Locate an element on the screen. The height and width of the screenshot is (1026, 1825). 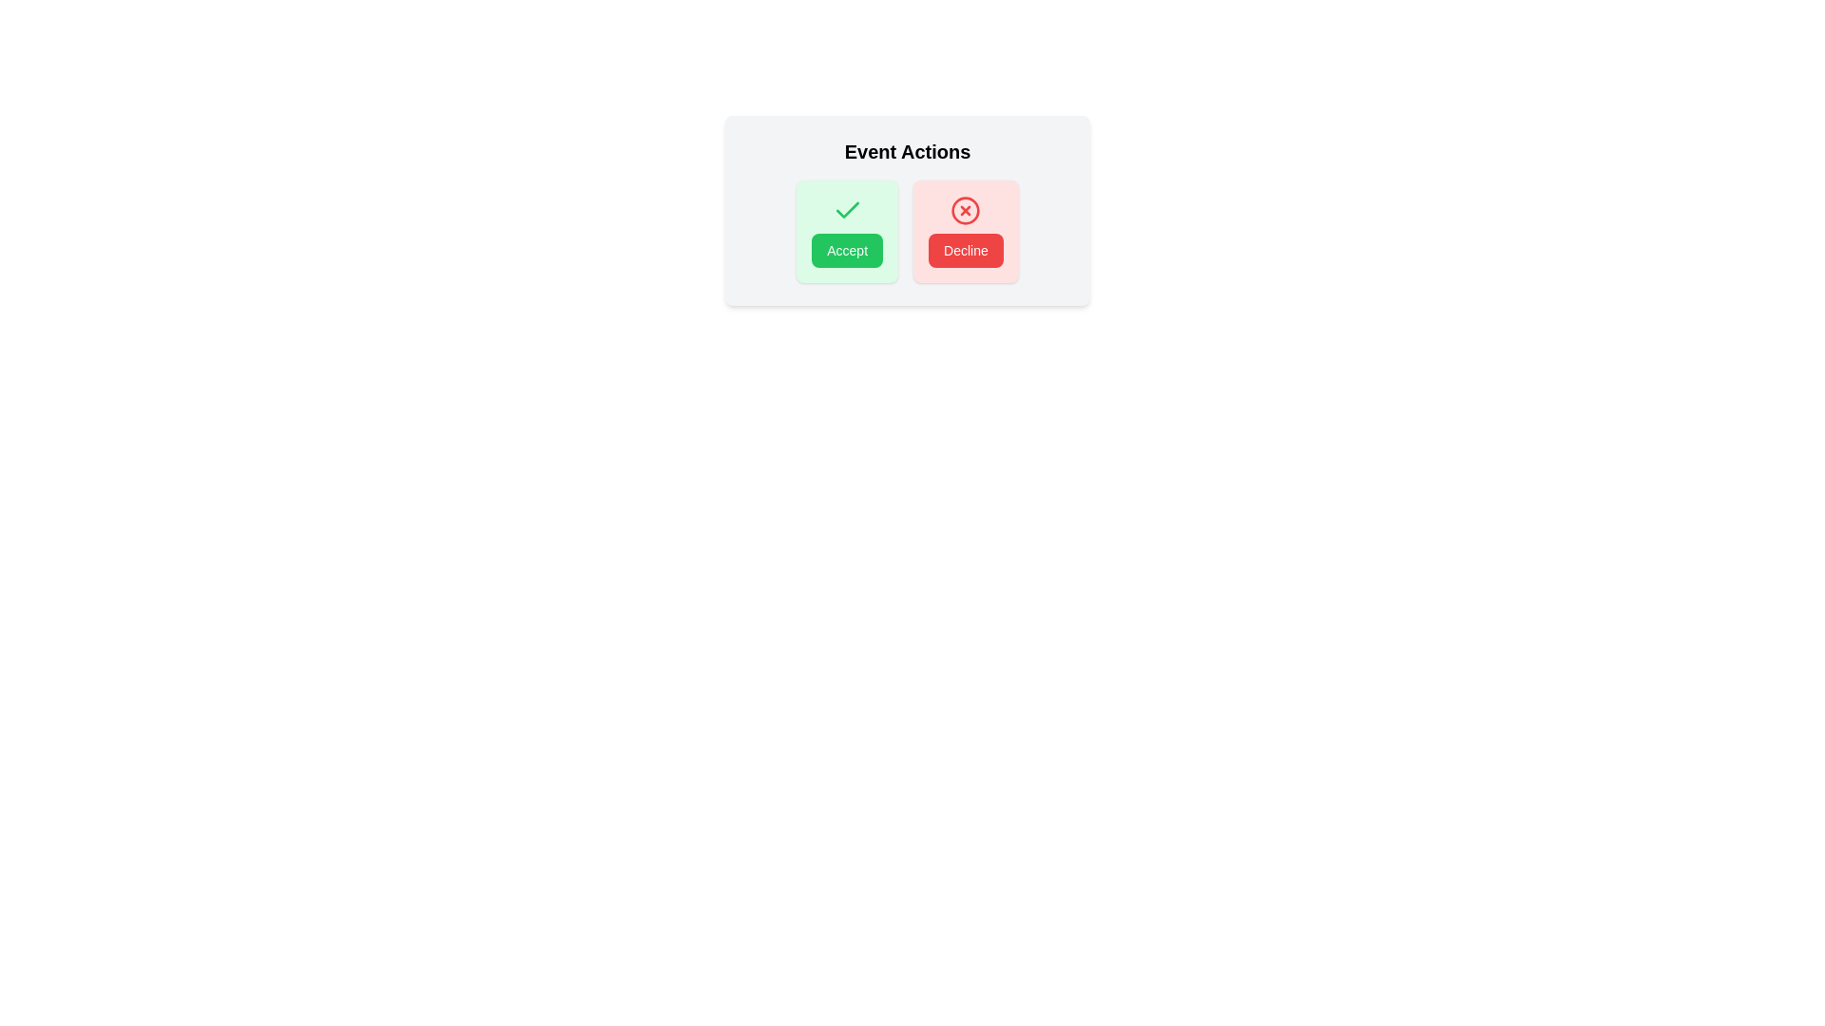
the Decline button located to the right of the Accept button under the 'Event Actions' title is located at coordinates (966, 230).